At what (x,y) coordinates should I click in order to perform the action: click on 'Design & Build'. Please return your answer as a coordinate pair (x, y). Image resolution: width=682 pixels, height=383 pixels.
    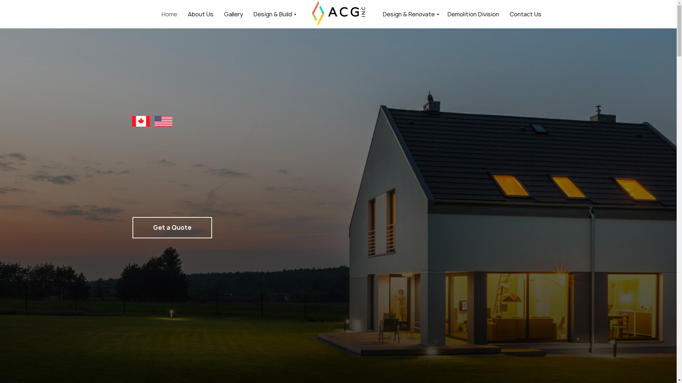
    Looking at the image, I should click on (274, 13).